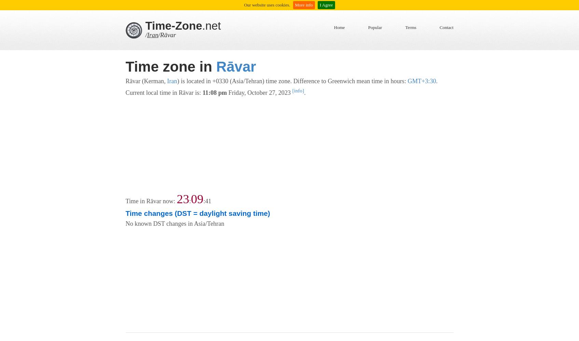 This screenshot has height=341, width=579. I want to click on '.net', so click(211, 25).